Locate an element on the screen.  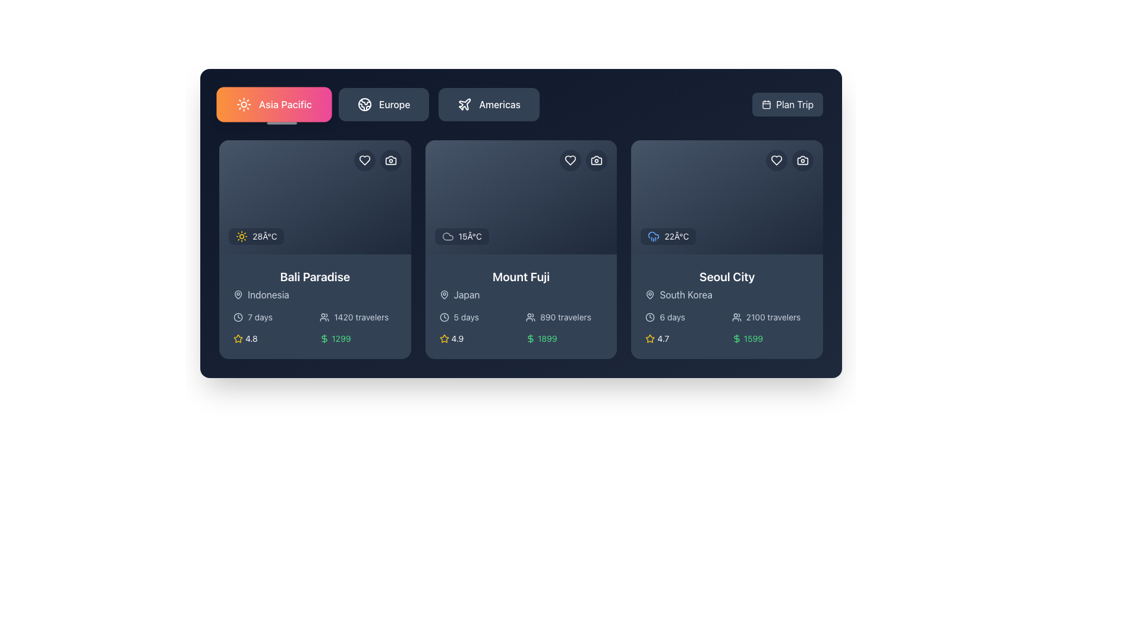
the text label displaying the name of a city and its corresponding country, located at the top-center of the rightmost travel package card is located at coordinates (726, 285).